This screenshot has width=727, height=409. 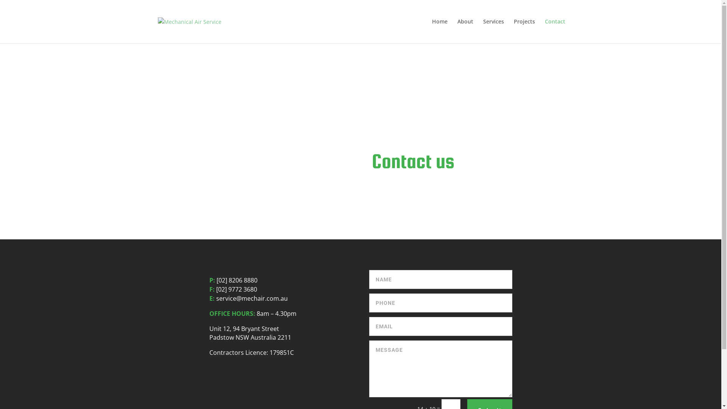 I want to click on 'Home', so click(x=432, y=30).